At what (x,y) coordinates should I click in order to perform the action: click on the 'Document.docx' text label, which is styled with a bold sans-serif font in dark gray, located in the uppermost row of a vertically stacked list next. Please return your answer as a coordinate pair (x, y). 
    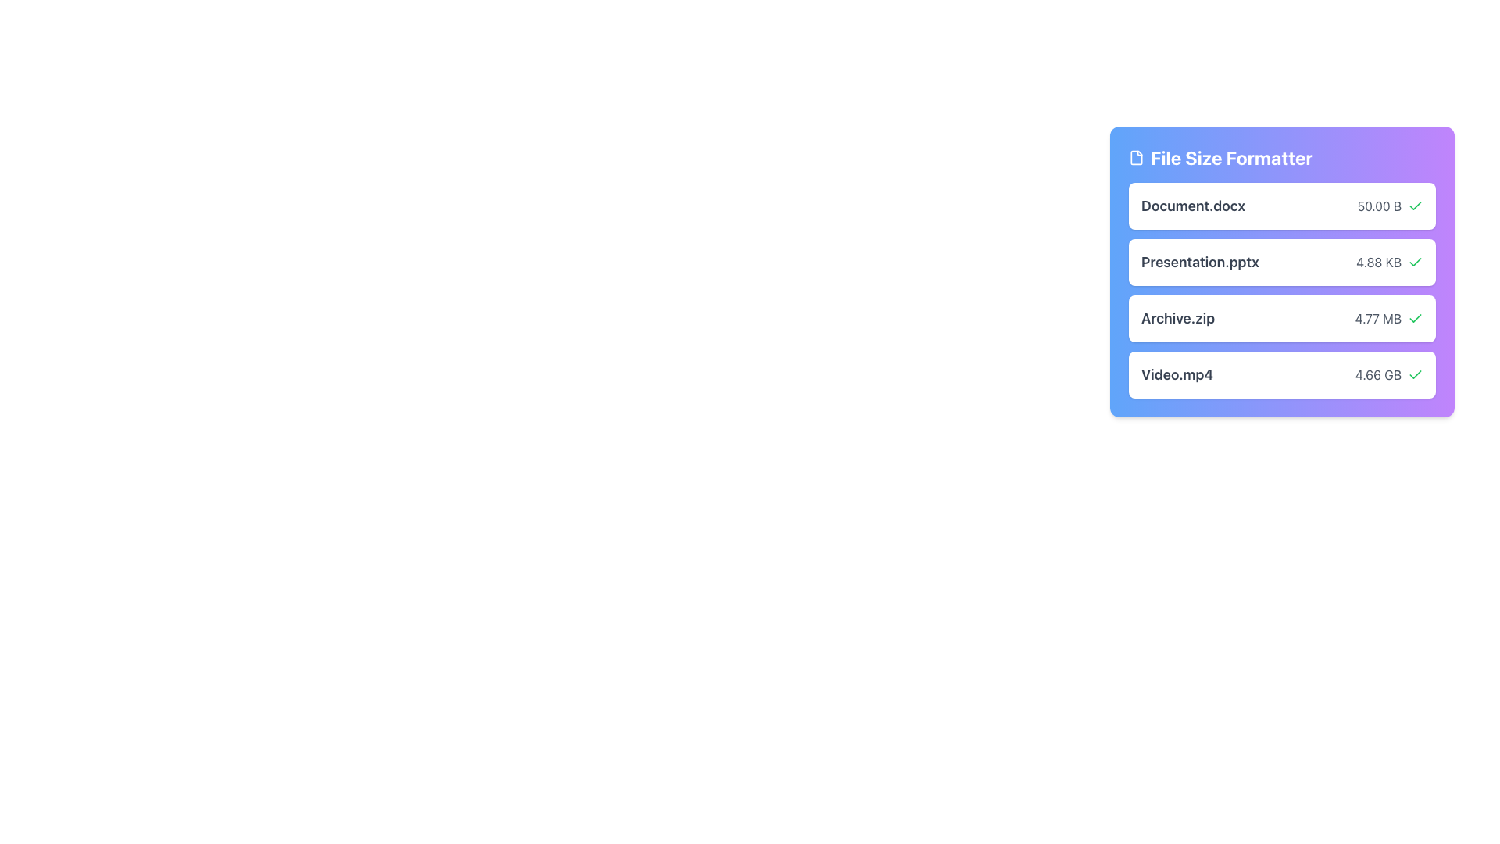
    Looking at the image, I should click on (1192, 205).